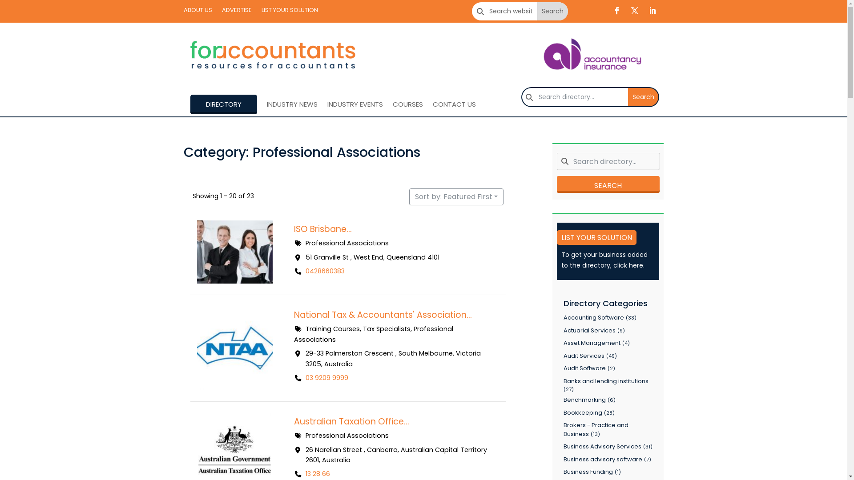 The width and height of the screenshot is (854, 480). I want to click on 'ISO Brisbane...', so click(294, 228).